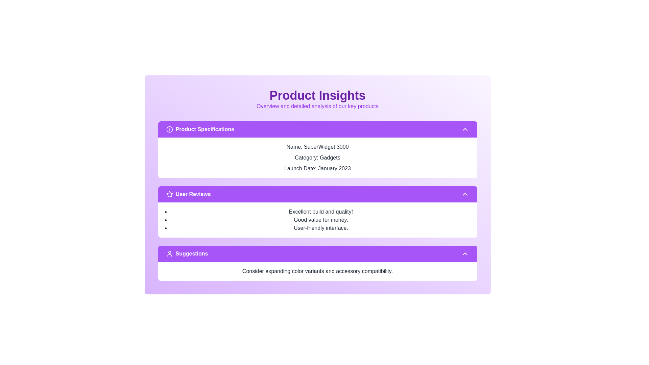 This screenshot has width=649, height=365. Describe the element at coordinates (464, 254) in the screenshot. I see `the toggle Icon Button located at the bottom-right corner of the Suggestions section` at that location.